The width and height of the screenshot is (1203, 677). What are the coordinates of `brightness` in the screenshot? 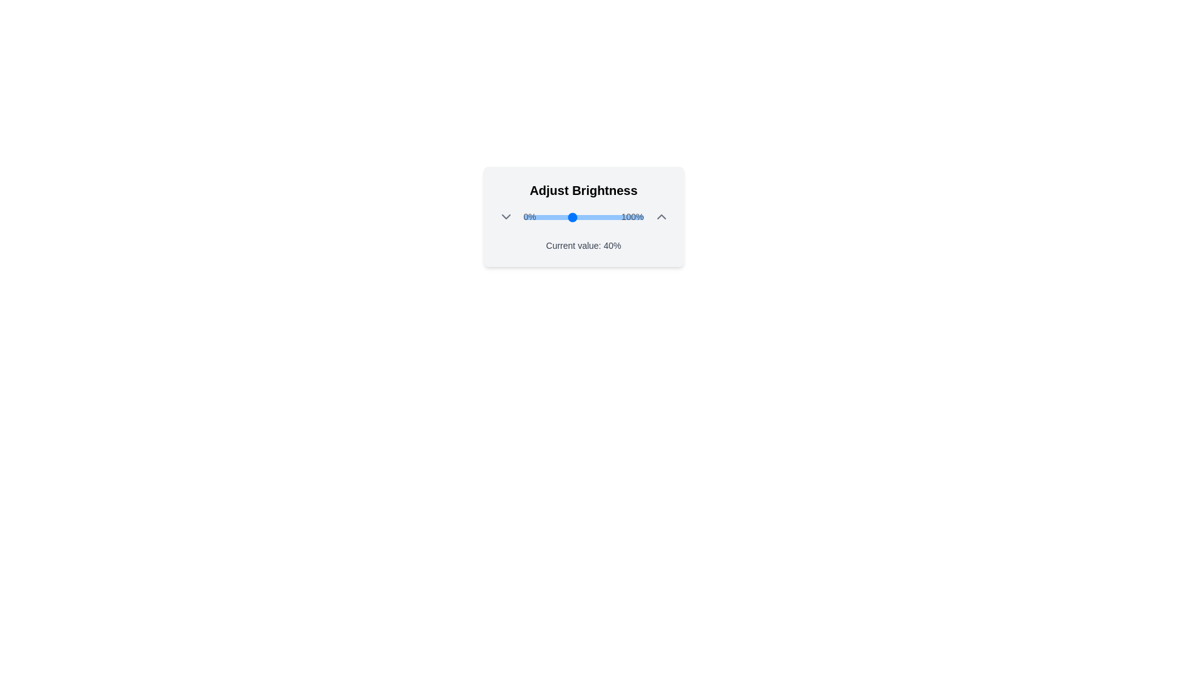 It's located at (561, 217).